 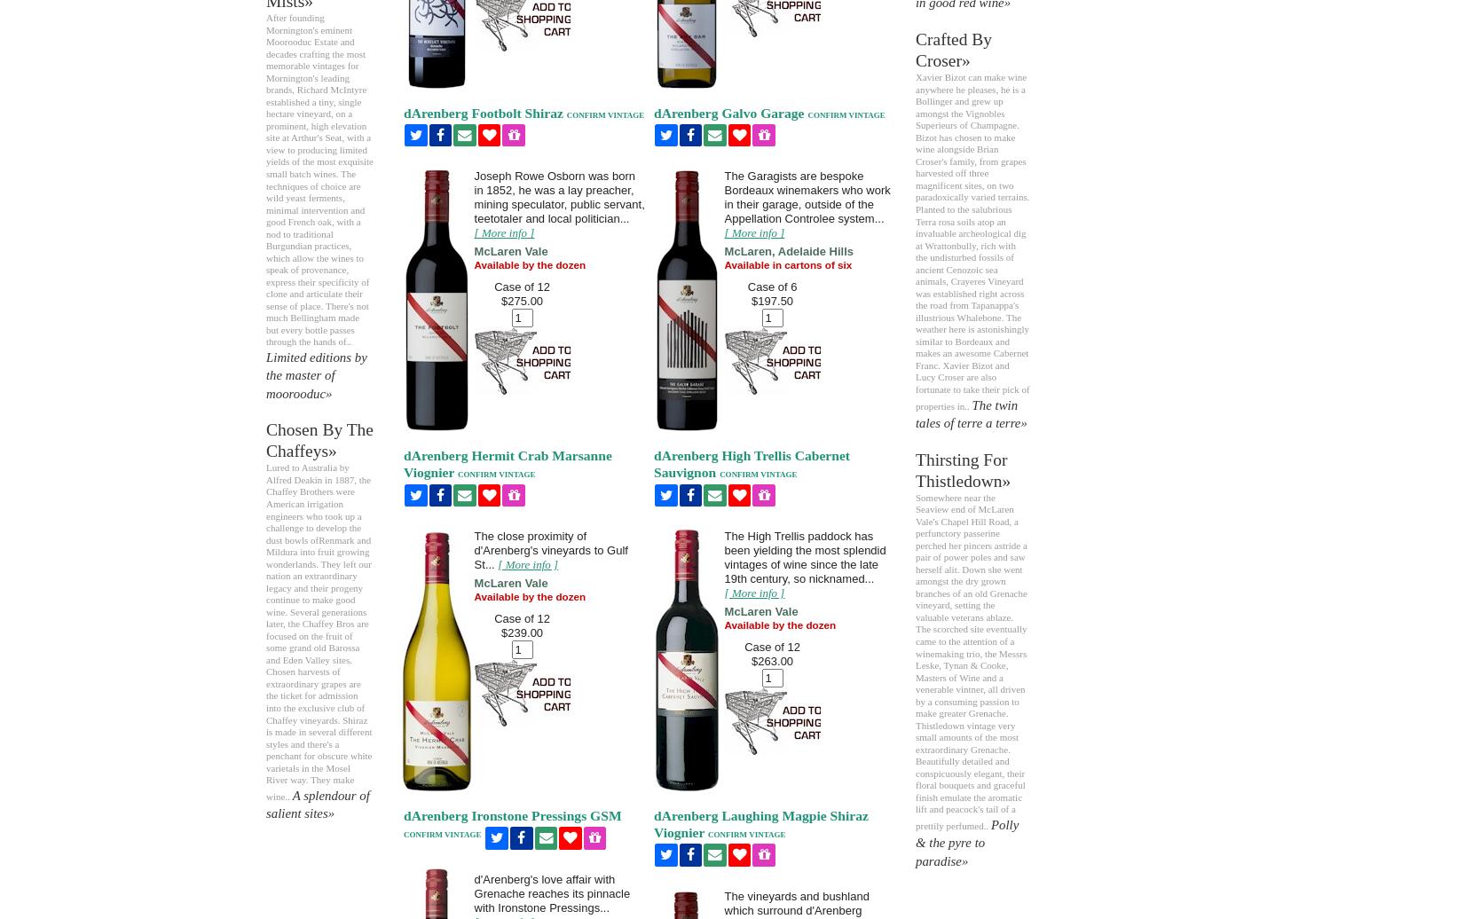 I want to click on '$239.00', so click(x=521, y=632).